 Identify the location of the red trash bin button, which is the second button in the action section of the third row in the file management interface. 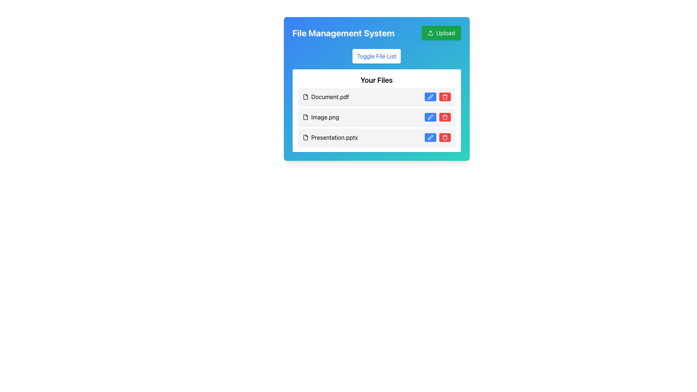
(444, 117).